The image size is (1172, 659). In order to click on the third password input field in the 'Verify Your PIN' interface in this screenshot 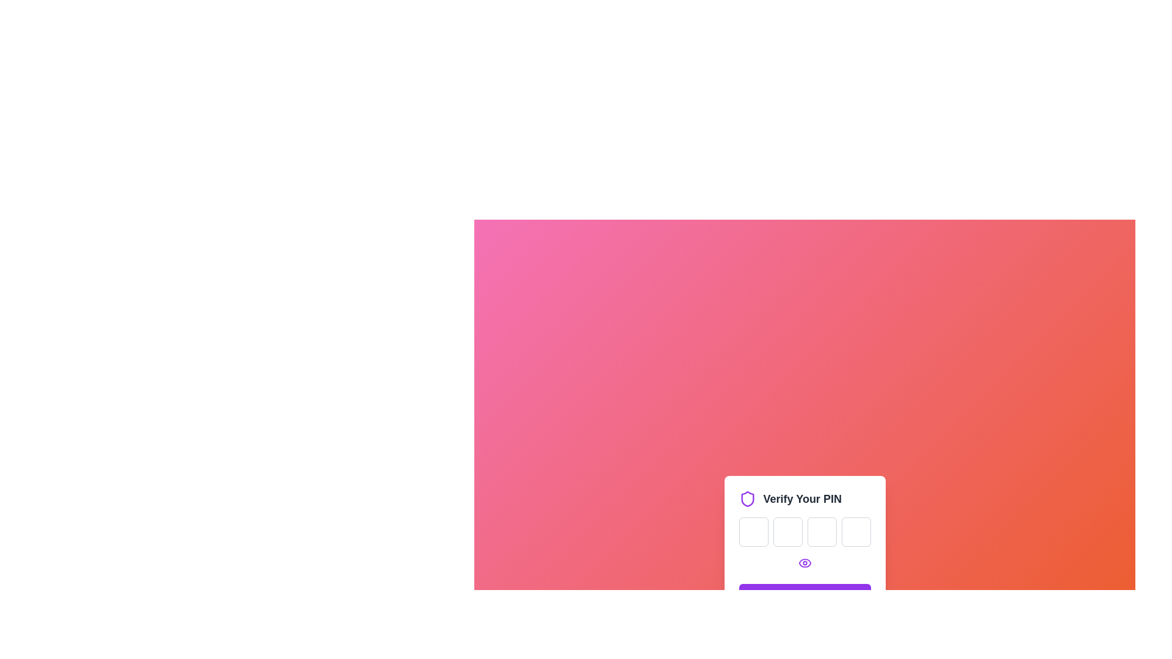, I will do `click(822, 531)`.